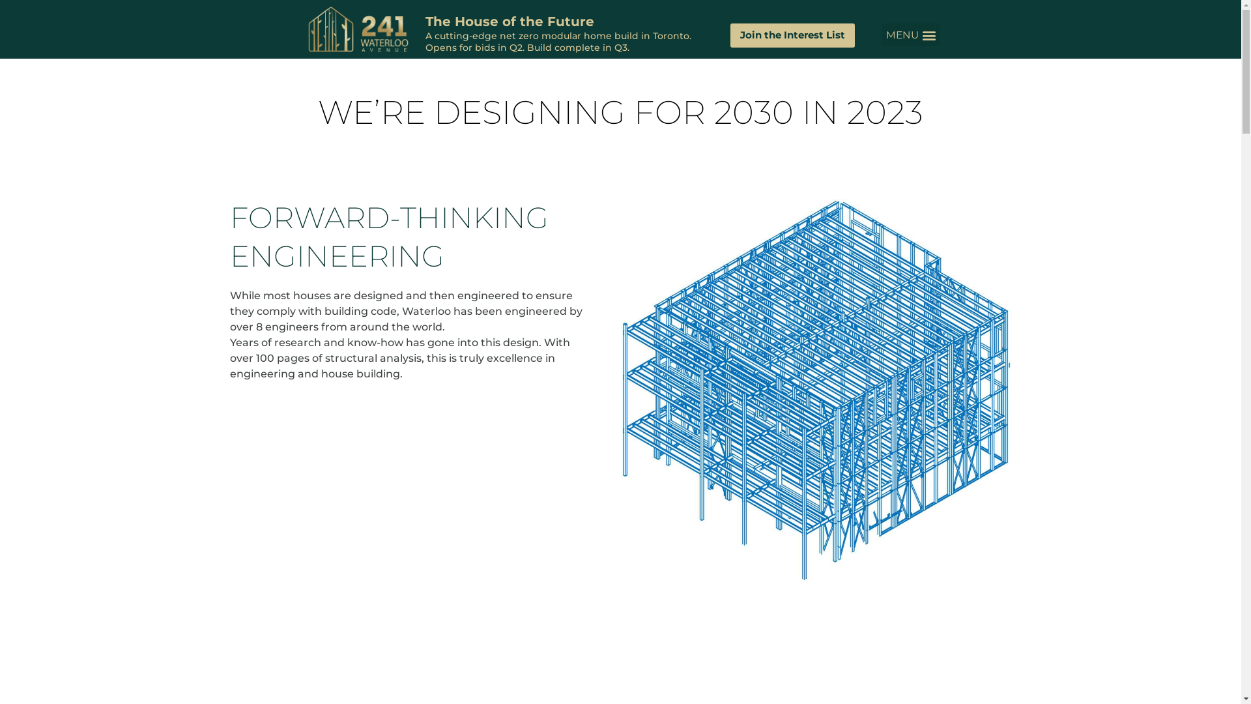  I want to click on 'Join the Interest List', so click(792, 35).